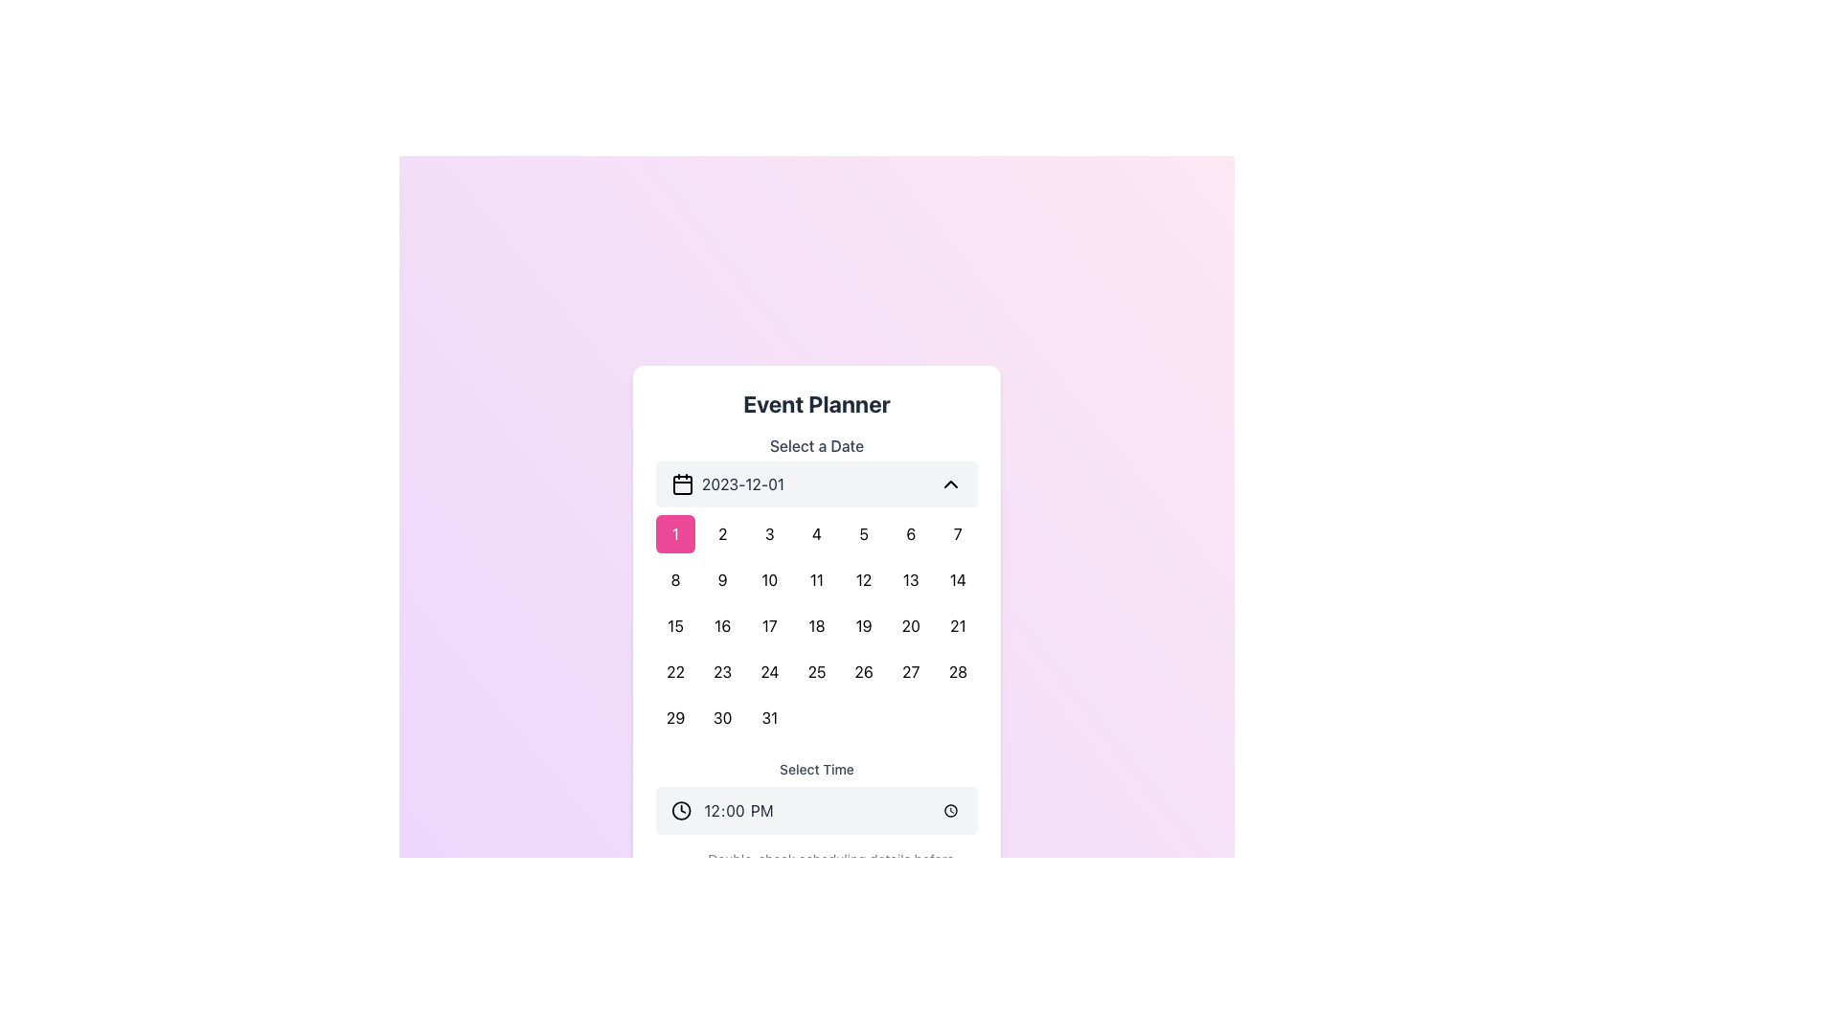  I want to click on the button representing the date '1' in the calendar view, so click(675, 534).